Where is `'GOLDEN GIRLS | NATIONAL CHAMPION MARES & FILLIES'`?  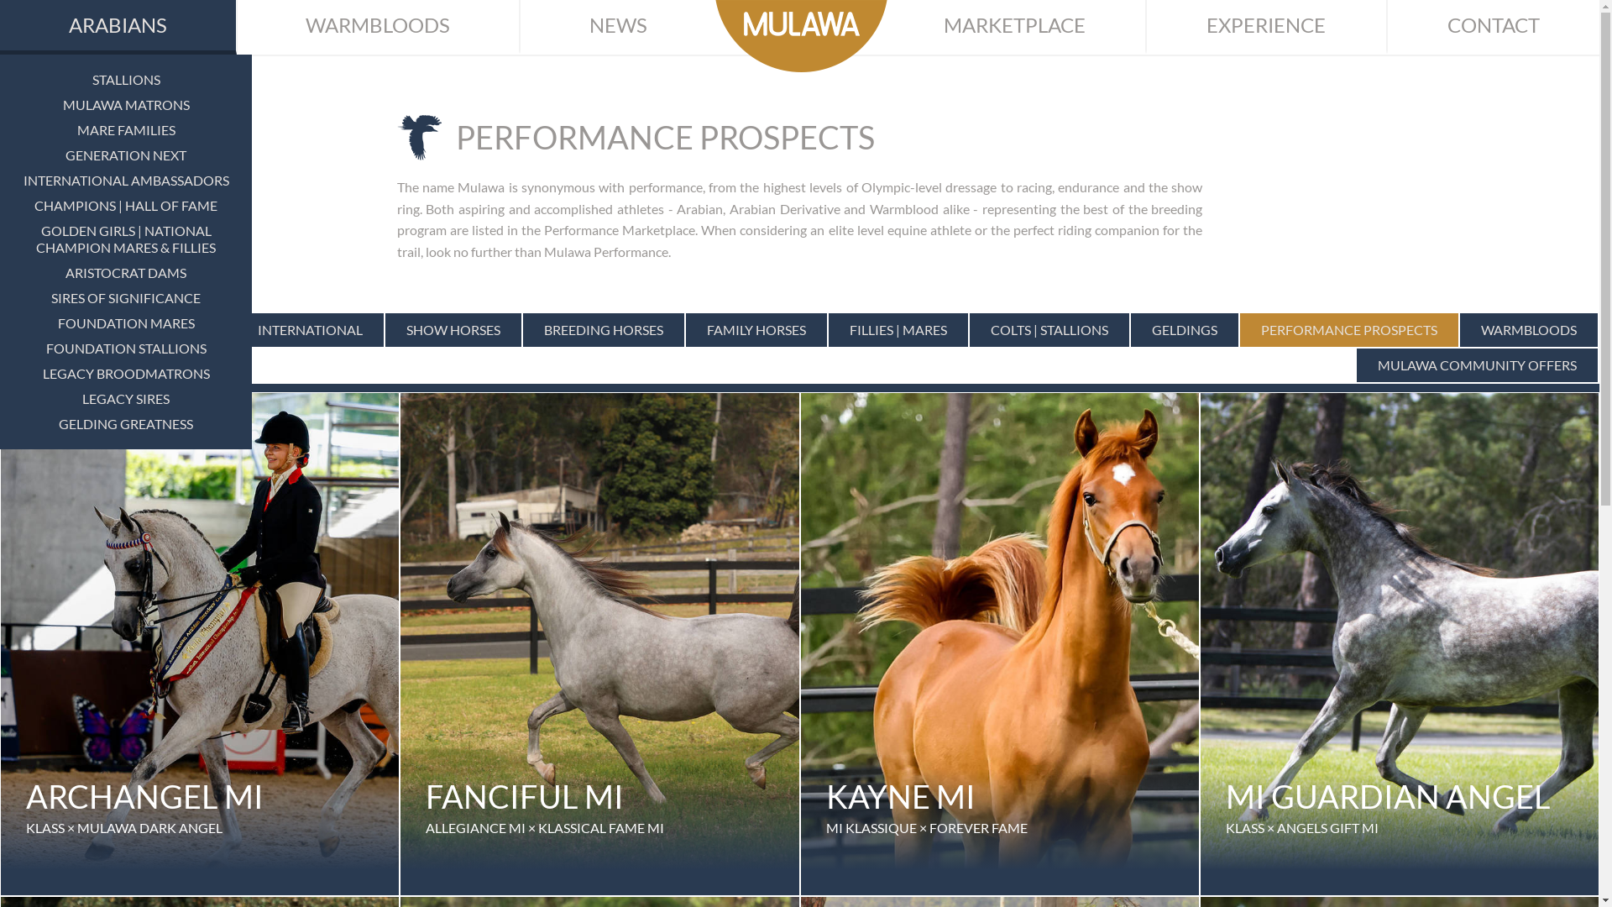
'GOLDEN GIRLS | NATIONAL CHAMPION MARES & FILLIES' is located at coordinates (124, 239).